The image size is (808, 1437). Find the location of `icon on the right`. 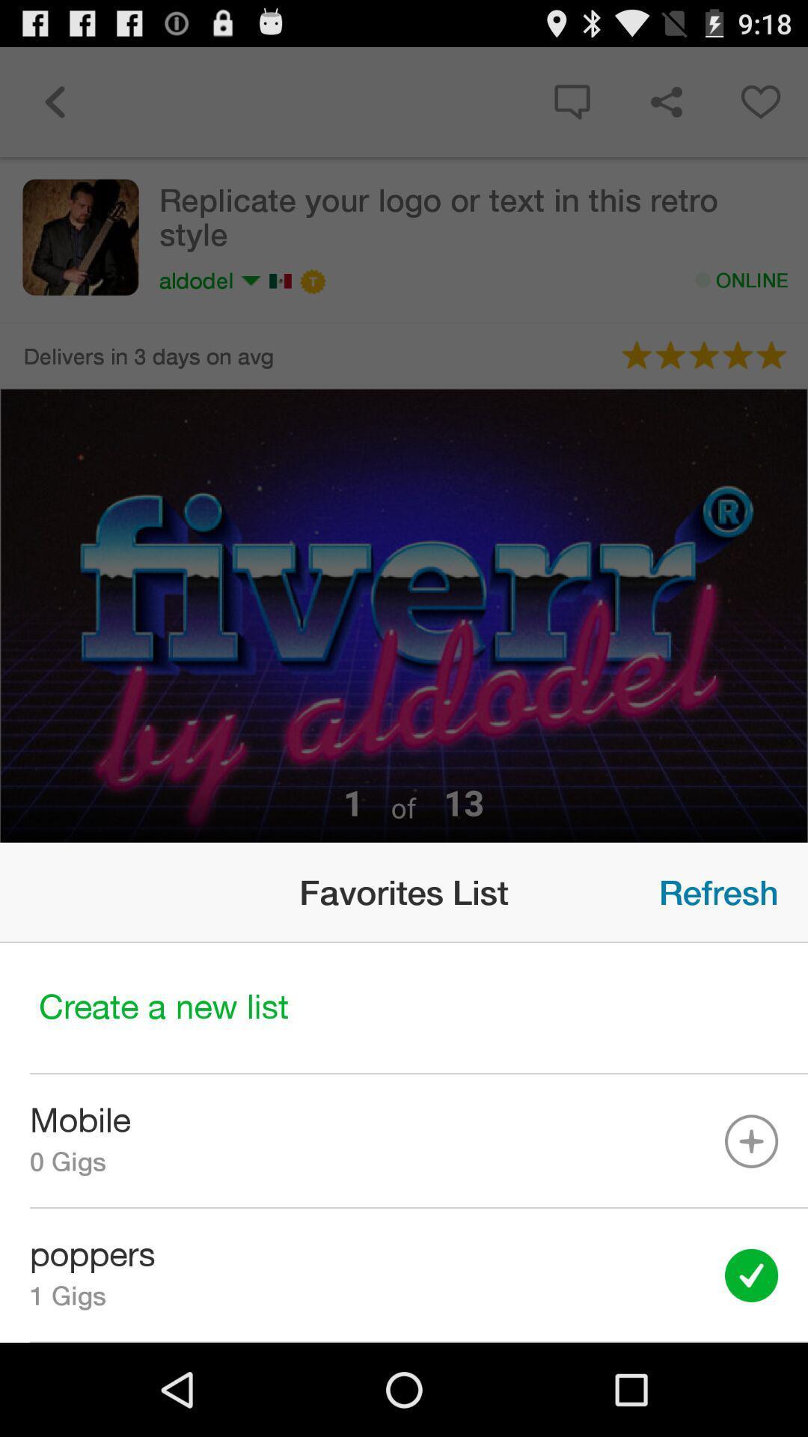

icon on the right is located at coordinates (717, 892).